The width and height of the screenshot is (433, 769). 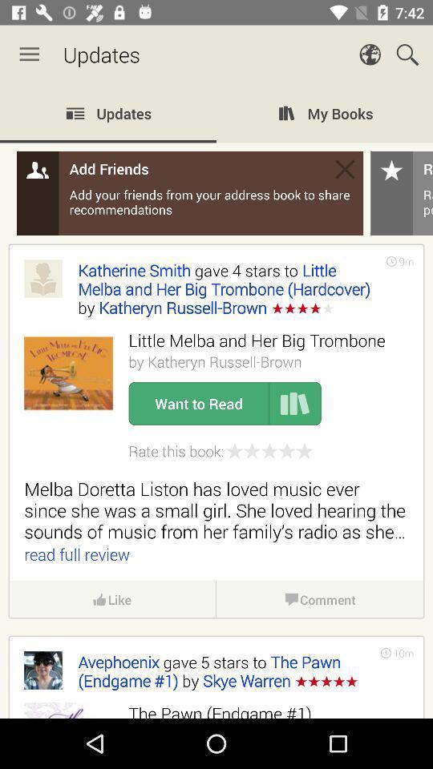 I want to click on icon below the melba doretta liston, so click(x=403, y=653).